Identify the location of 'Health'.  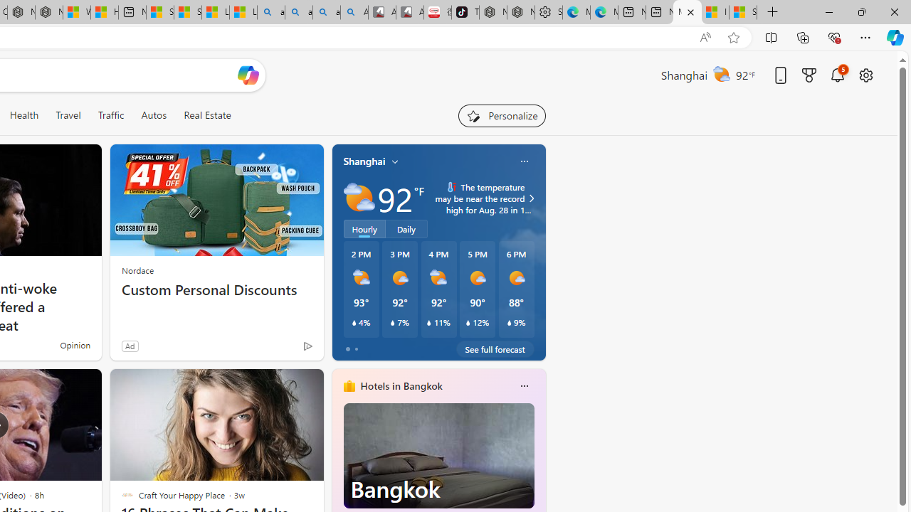
(24, 114).